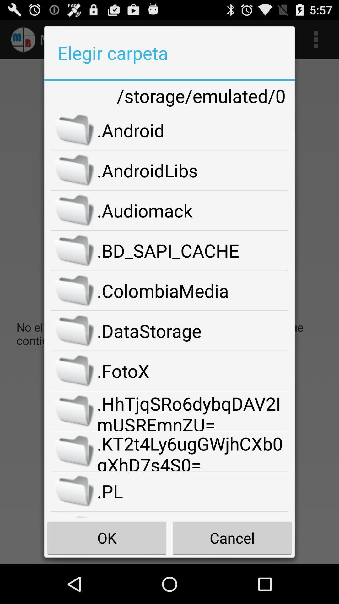 Image resolution: width=339 pixels, height=604 pixels. Describe the element at coordinates (192, 130) in the screenshot. I see `app below /storage/emulated/0 app` at that location.